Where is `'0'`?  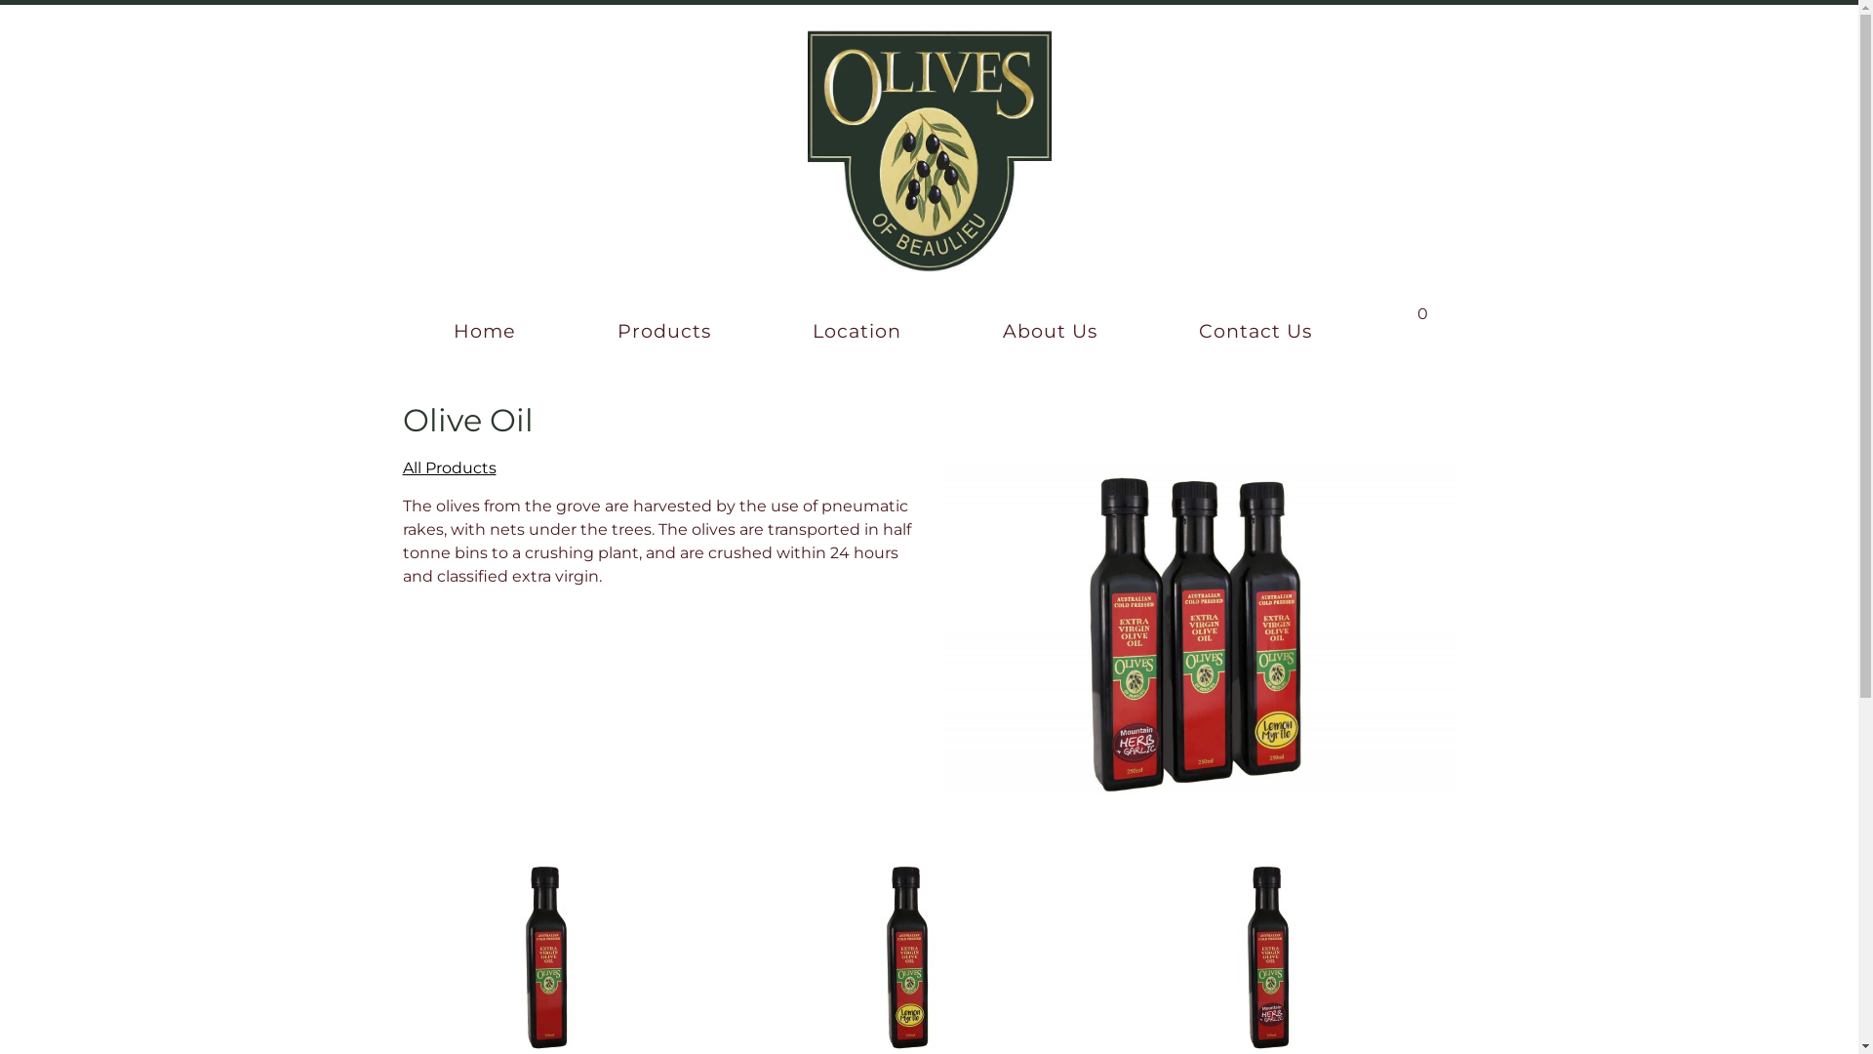
'0' is located at coordinates (1406, 307).